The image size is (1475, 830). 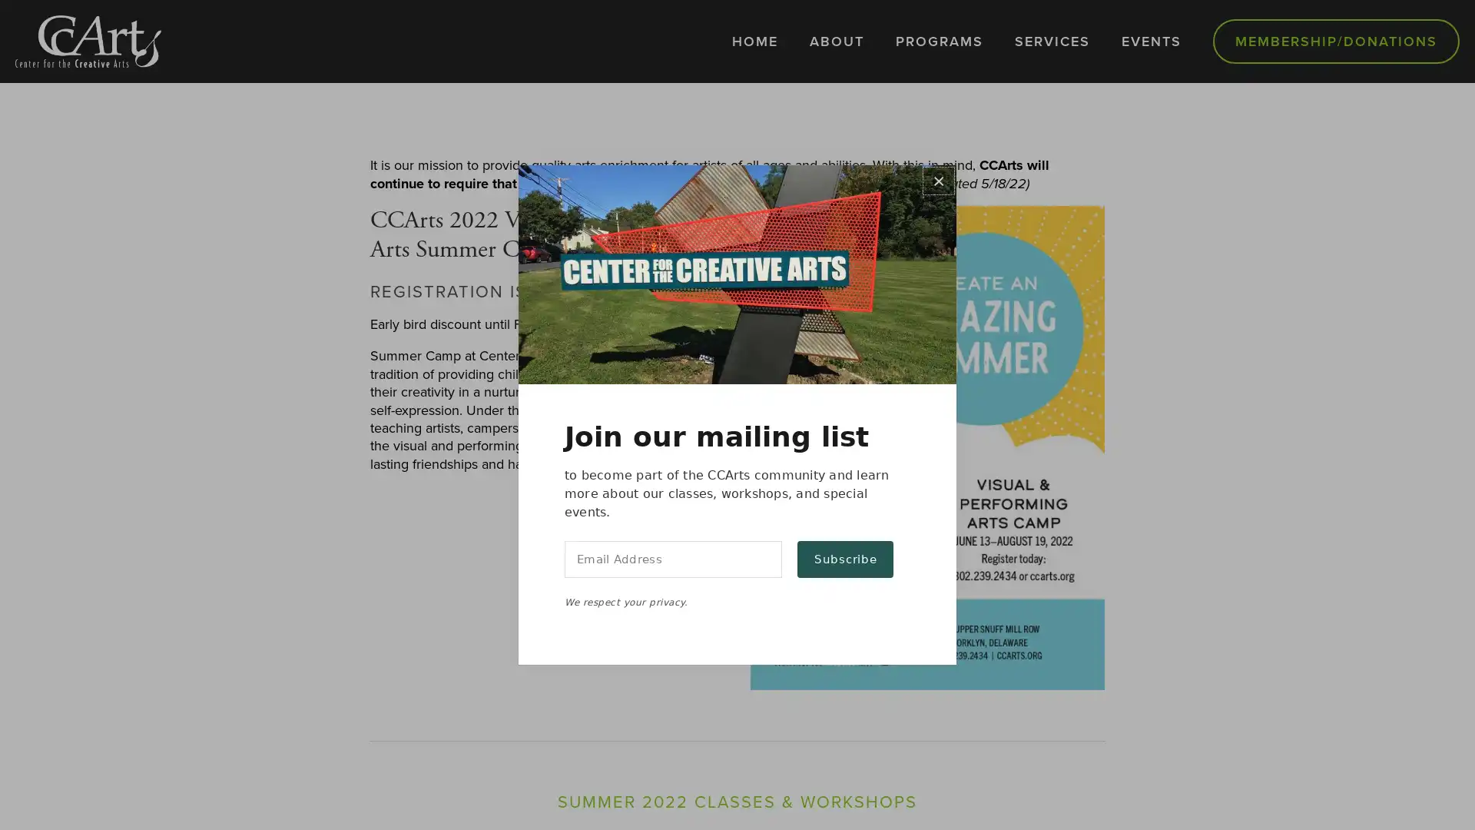 I want to click on Close, so click(x=937, y=180).